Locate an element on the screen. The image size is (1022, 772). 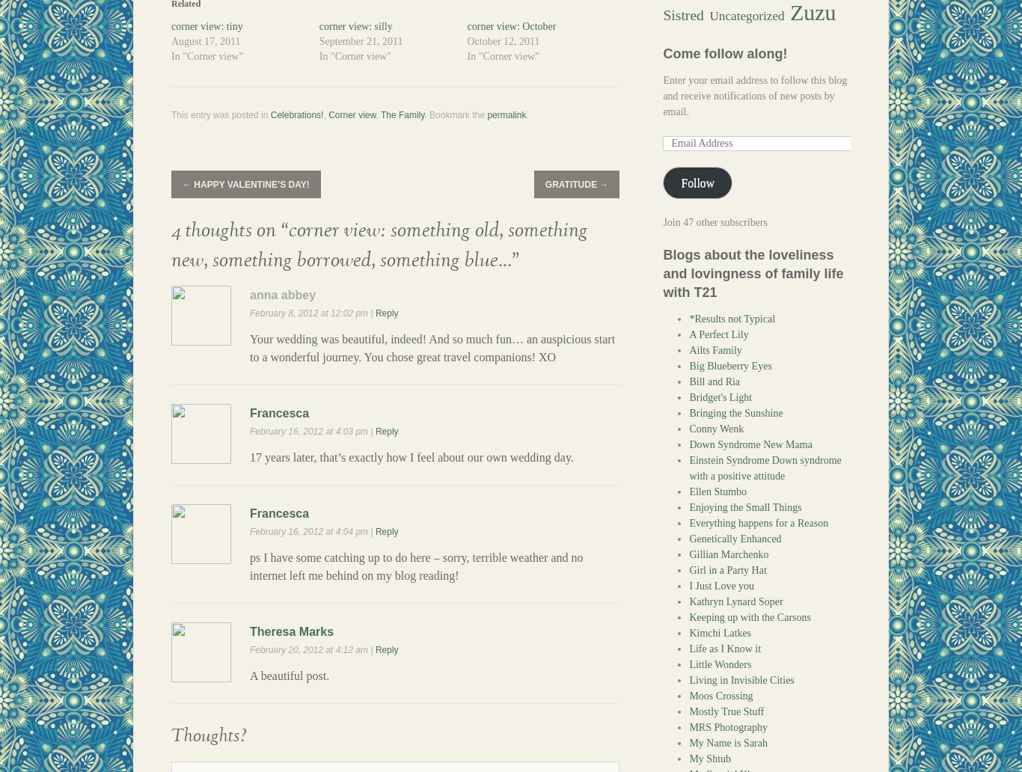
'February 16, 2012 at 4:04 pm' is located at coordinates (309, 530).